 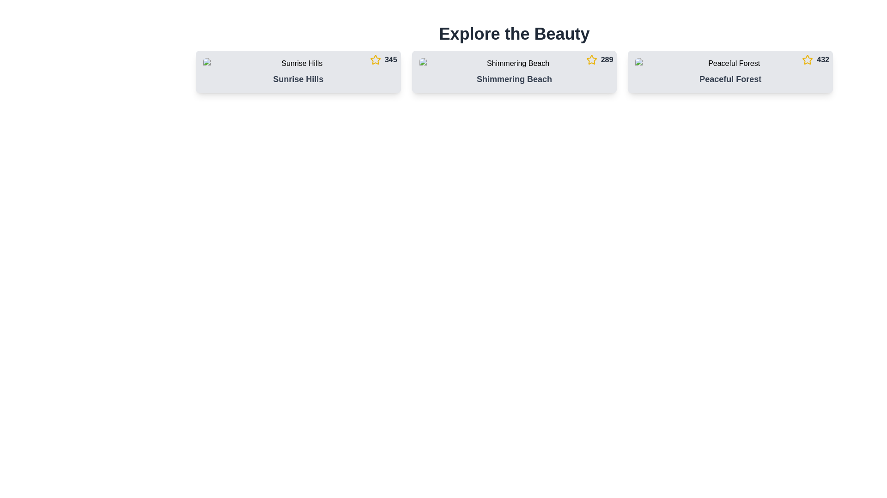 What do you see at coordinates (730, 71) in the screenshot?
I see `the information displayed on the 'Peaceful Forest' informational card, which is located in the first row and third position of the grid layout` at bounding box center [730, 71].